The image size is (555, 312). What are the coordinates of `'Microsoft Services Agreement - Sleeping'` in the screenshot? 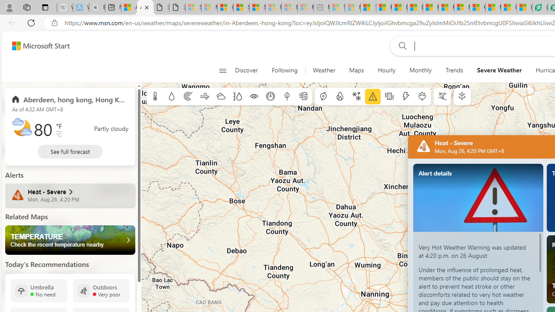 It's located at (209, 7).